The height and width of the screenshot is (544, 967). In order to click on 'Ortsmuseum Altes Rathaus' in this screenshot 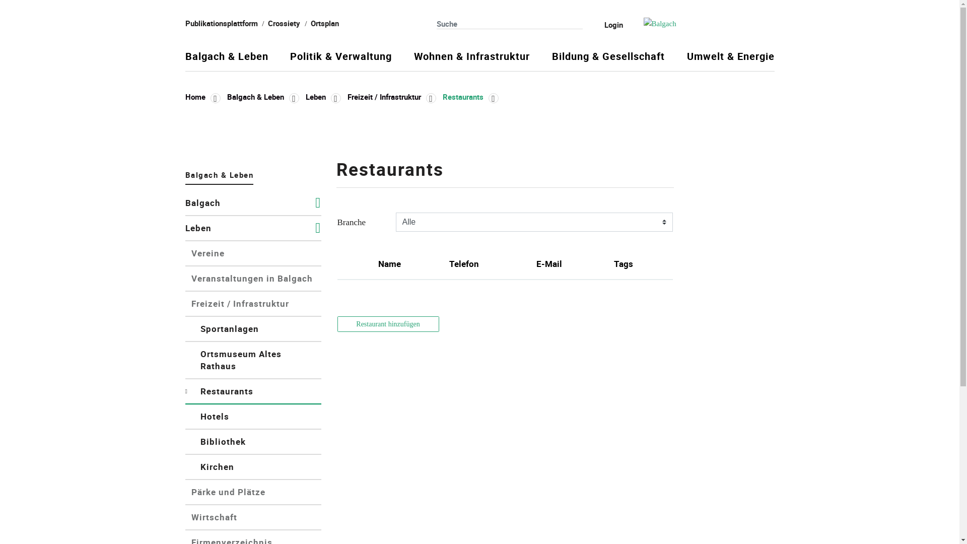, I will do `click(253, 360)`.